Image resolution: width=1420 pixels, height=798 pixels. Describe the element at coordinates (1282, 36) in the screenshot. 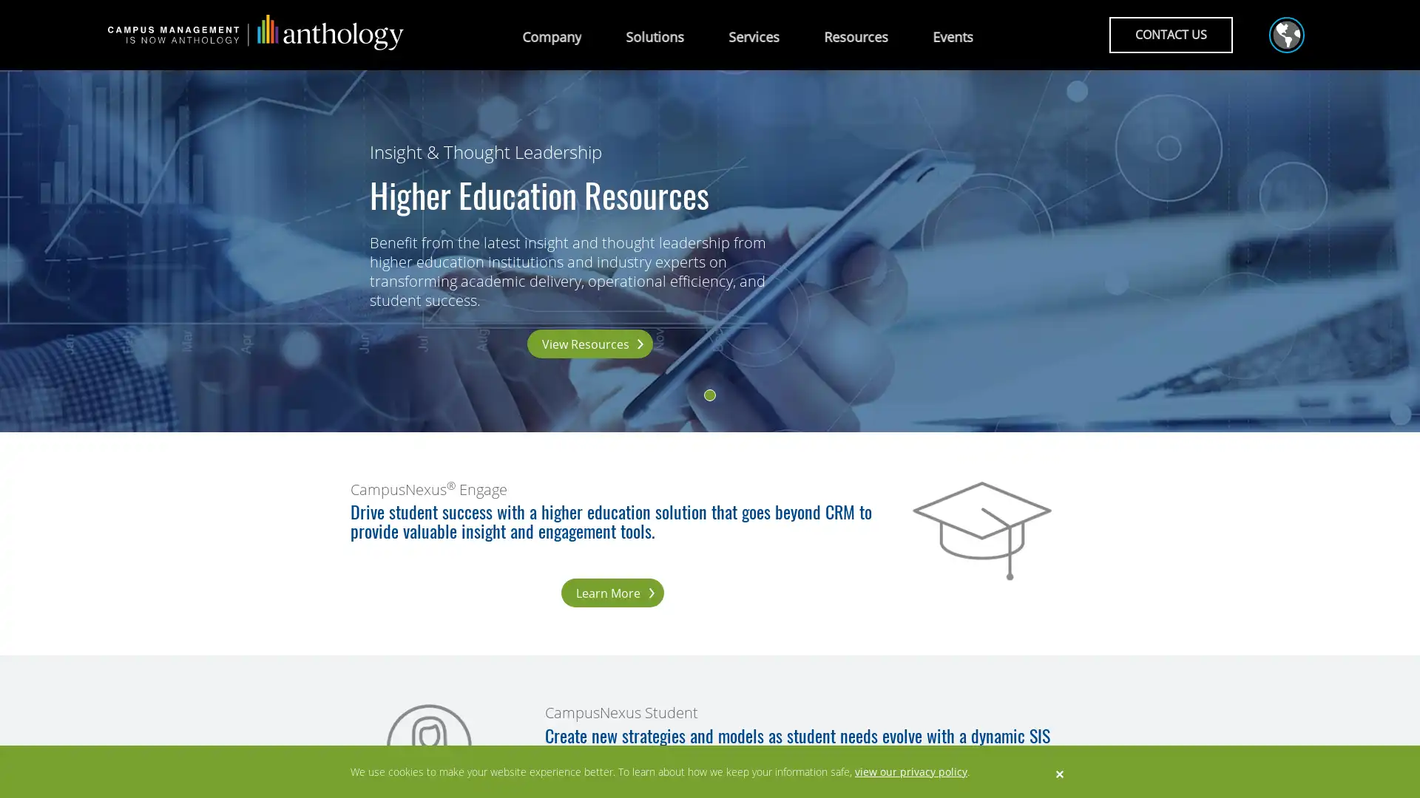

I see `Toggle navigation` at that location.